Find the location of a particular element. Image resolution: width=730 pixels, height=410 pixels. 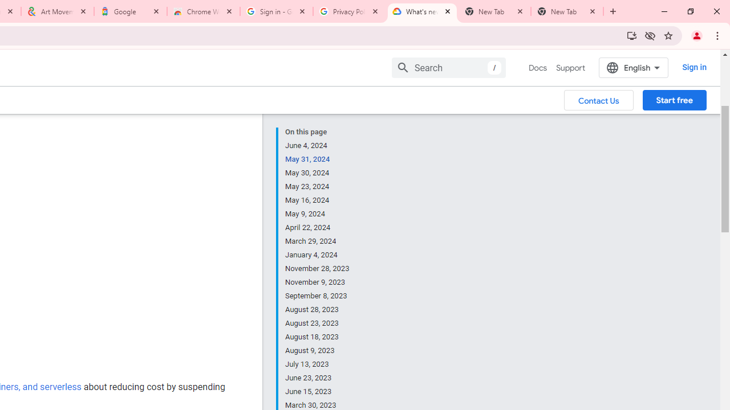

'Contact Us' is located at coordinates (598, 99).